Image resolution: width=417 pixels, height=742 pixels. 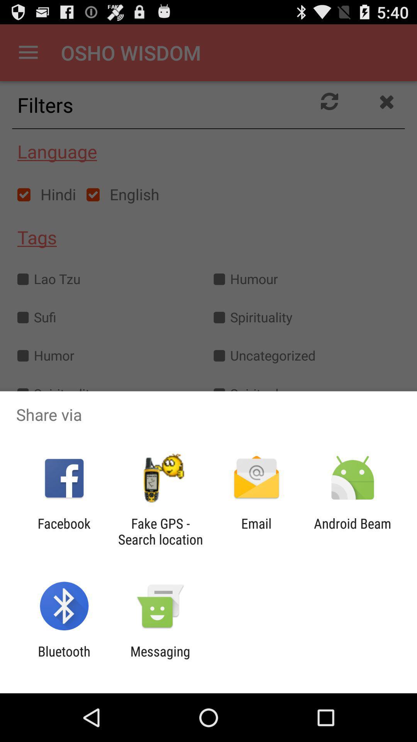 What do you see at coordinates (256, 531) in the screenshot?
I see `app next to the android beam app` at bounding box center [256, 531].